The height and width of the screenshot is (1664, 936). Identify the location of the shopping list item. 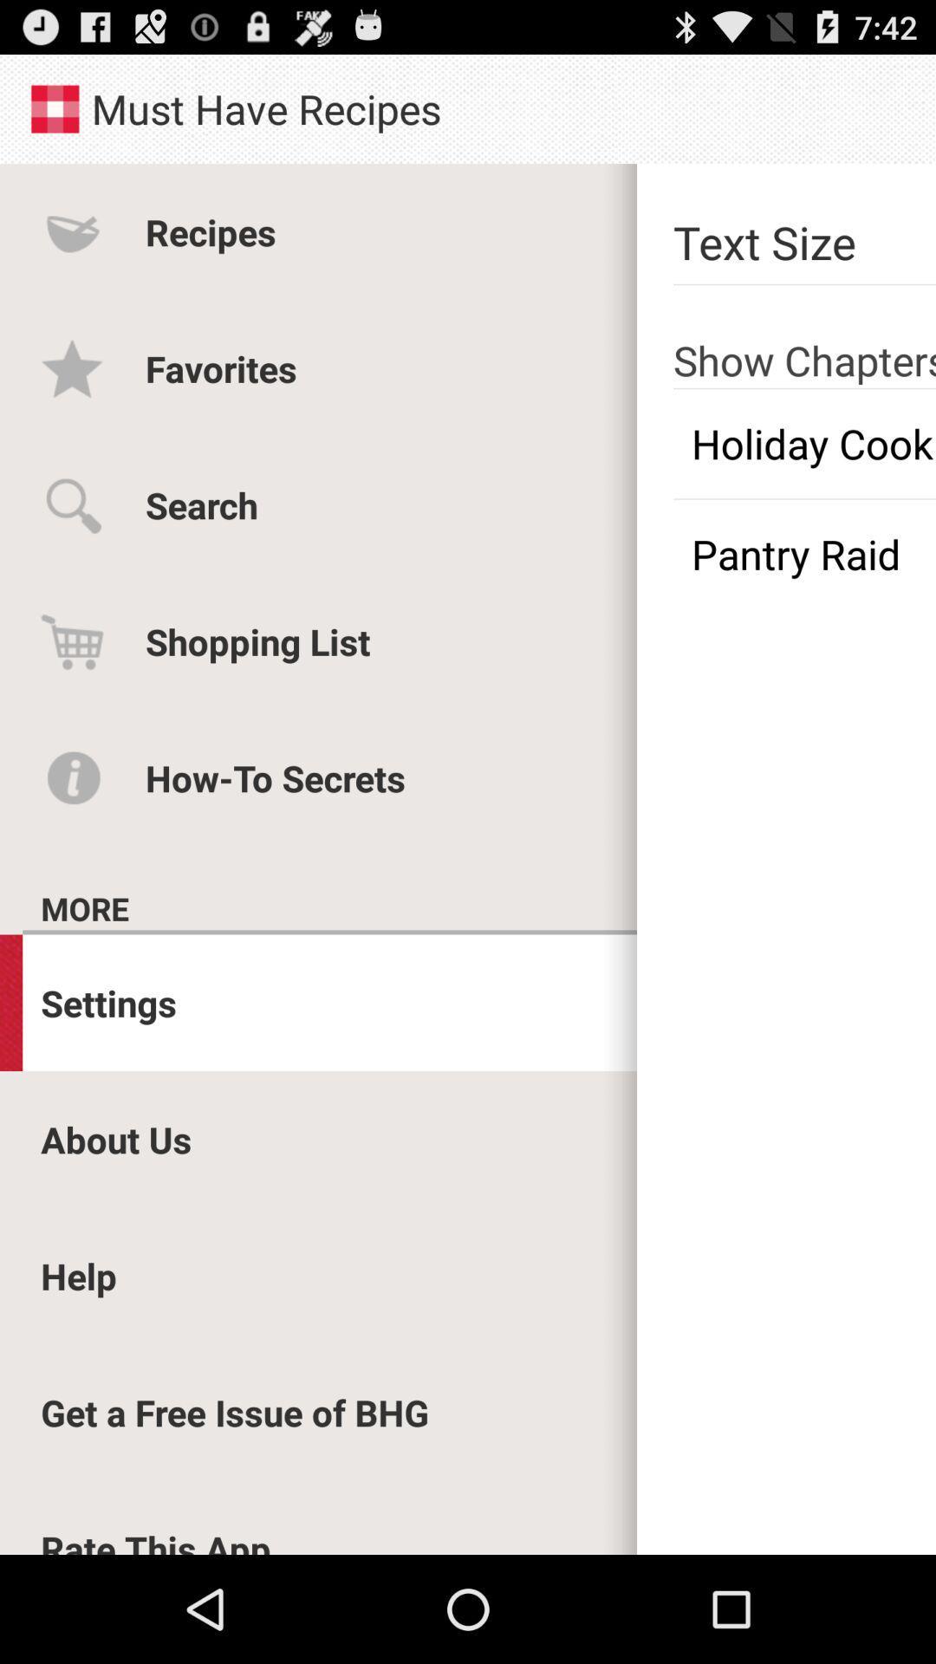
(257, 640).